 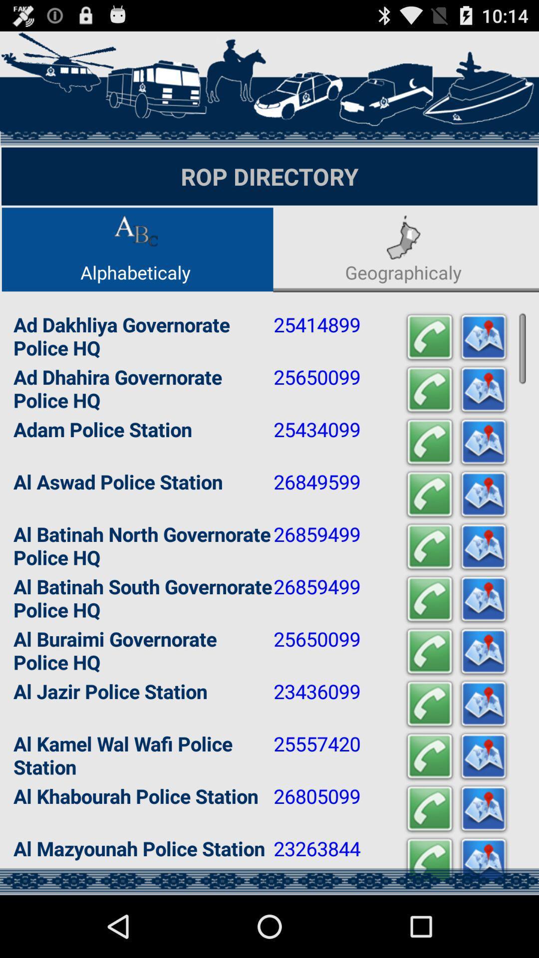 What do you see at coordinates (483, 529) in the screenshot?
I see `the wallpaper icon` at bounding box center [483, 529].